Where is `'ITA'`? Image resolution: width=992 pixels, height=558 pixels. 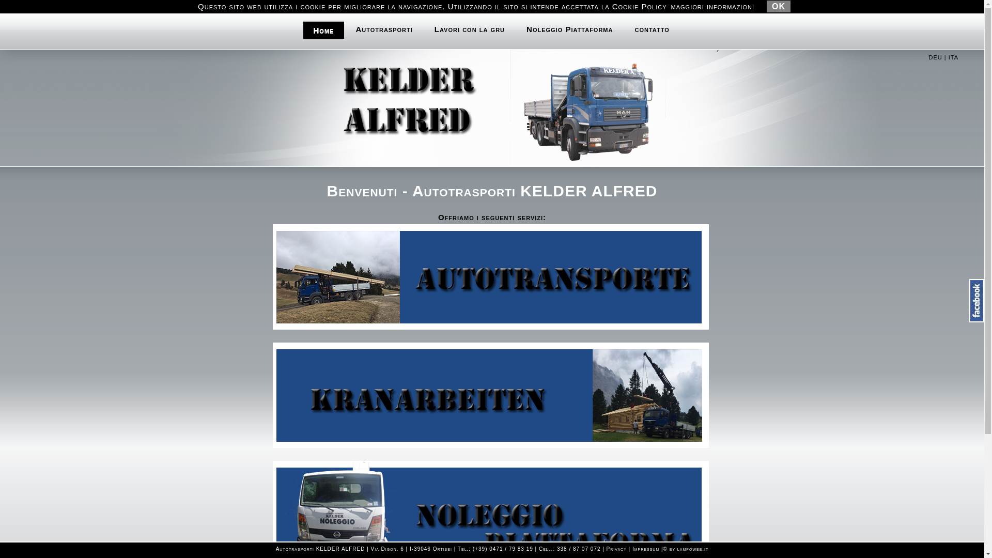
'ITA' is located at coordinates (953, 57).